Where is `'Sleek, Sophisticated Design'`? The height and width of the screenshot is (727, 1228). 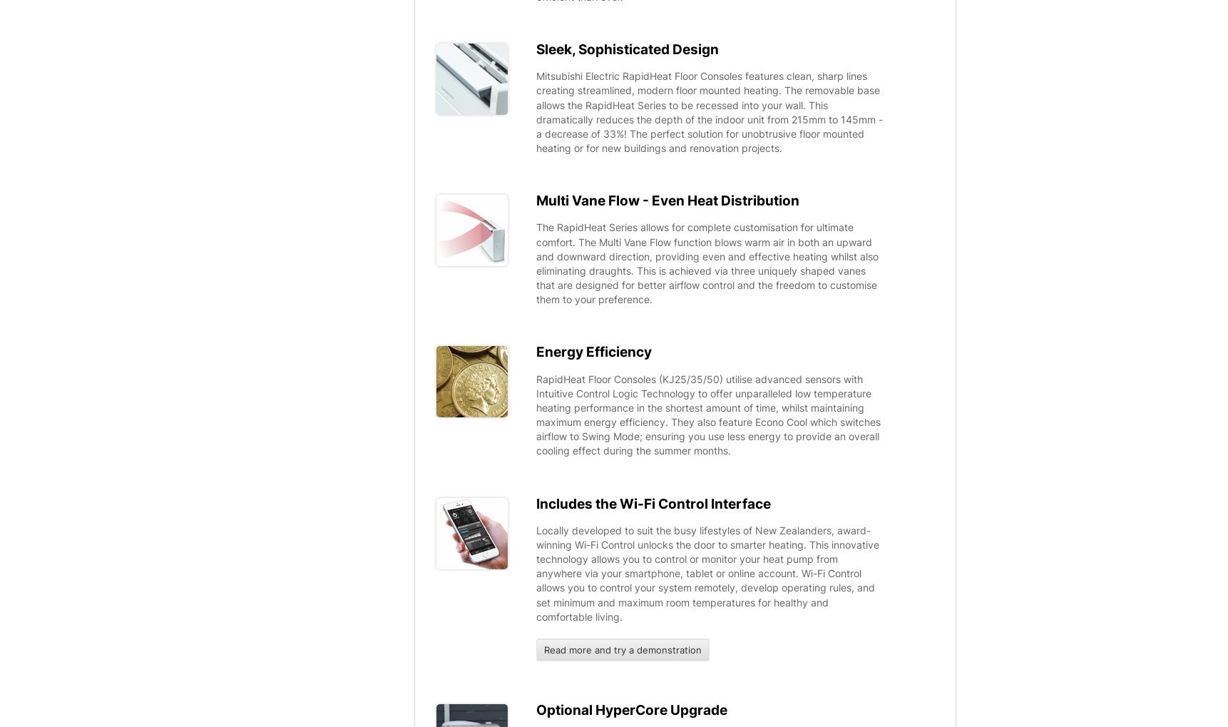 'Sleek, Sophisticated Design' is located at coordinates (627, 48).